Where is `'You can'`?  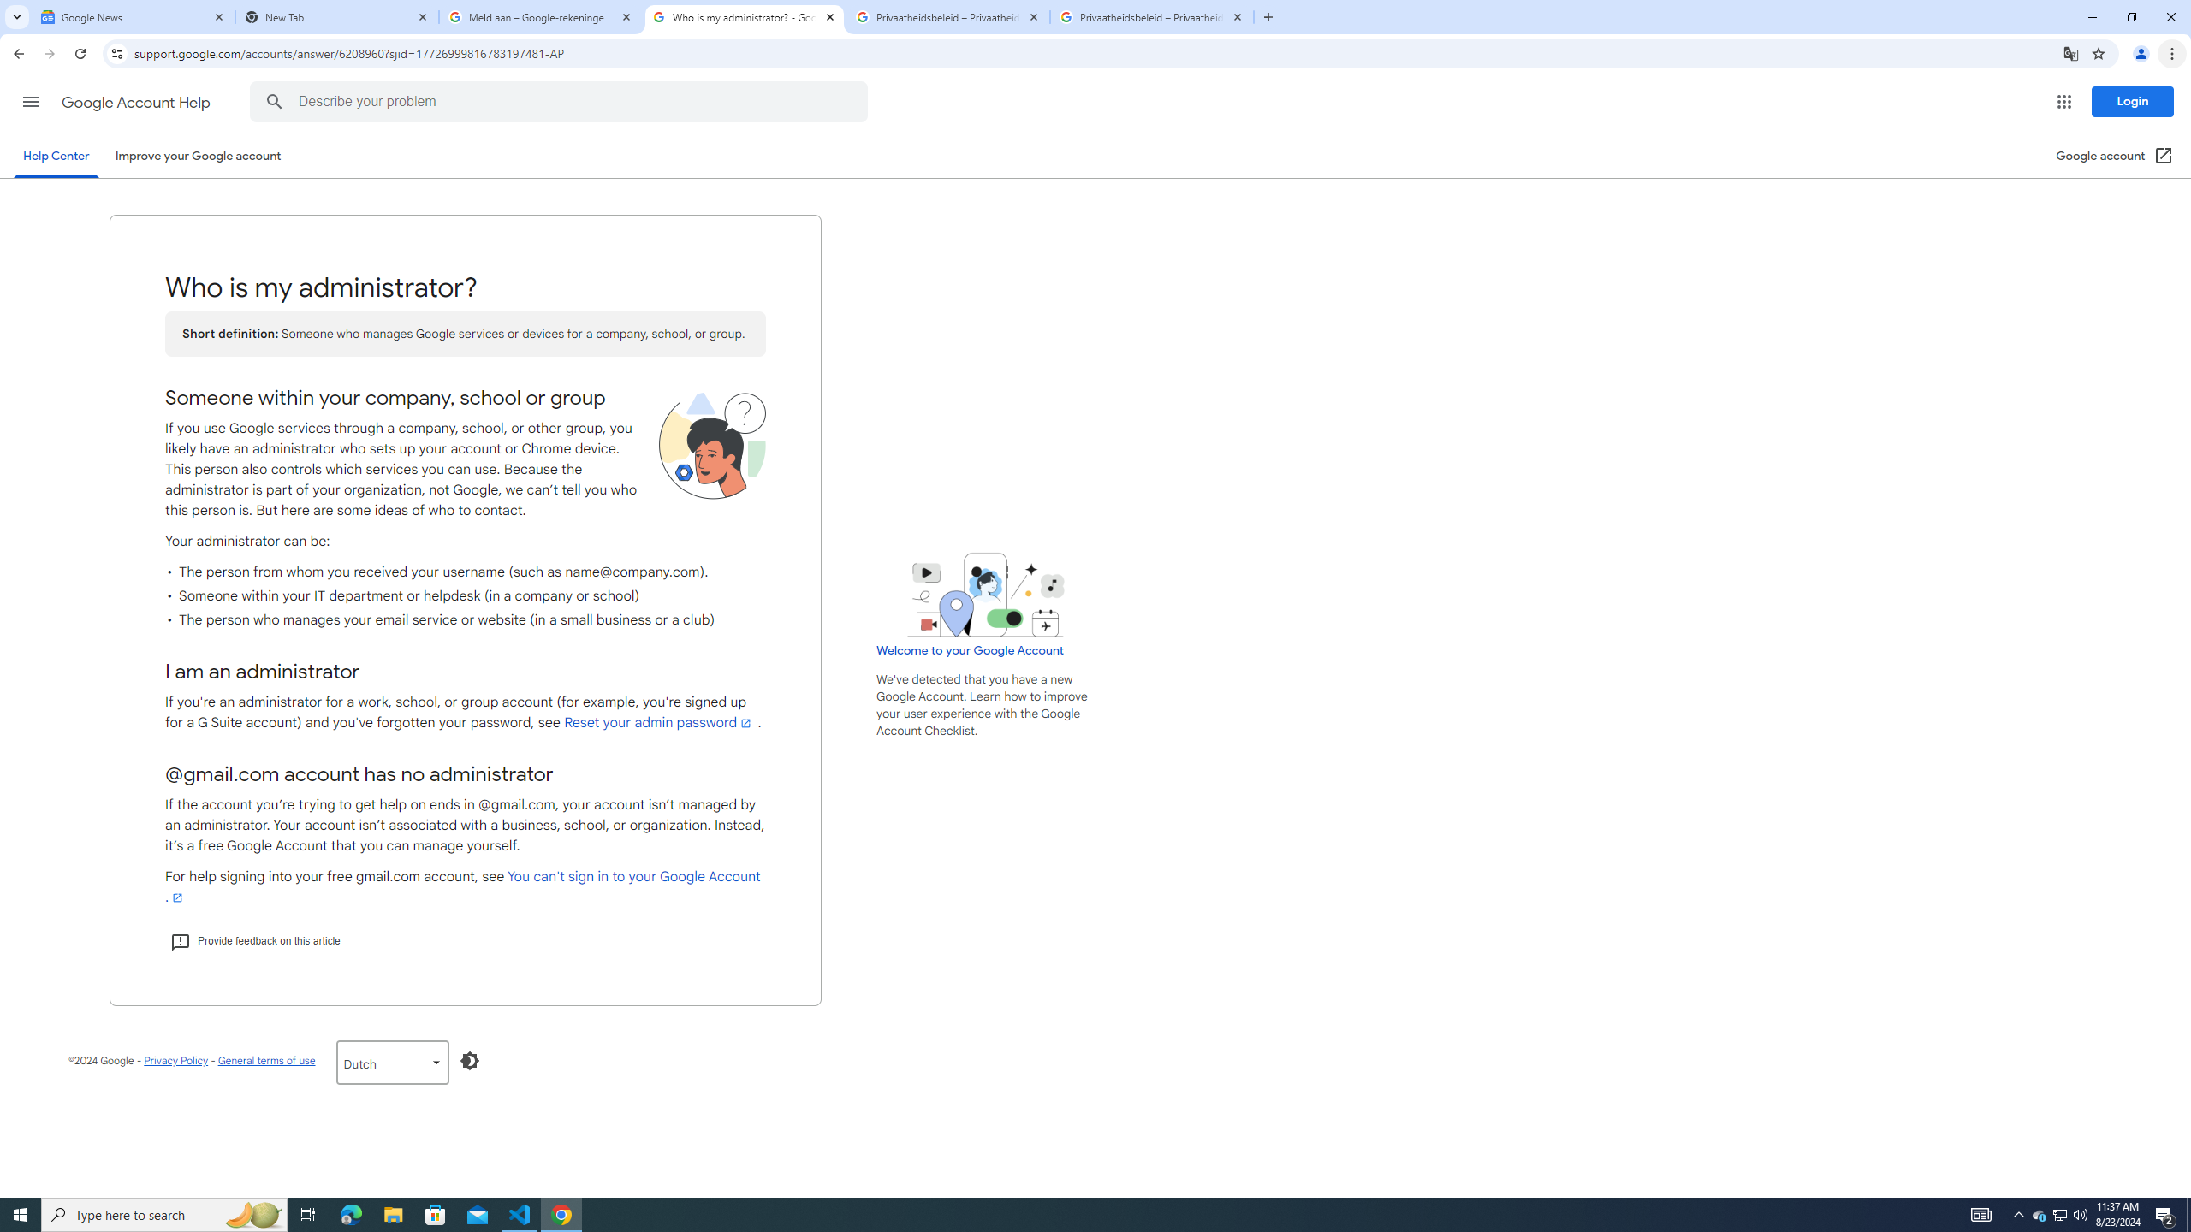 'You can' is located at coordinates (461, 885).